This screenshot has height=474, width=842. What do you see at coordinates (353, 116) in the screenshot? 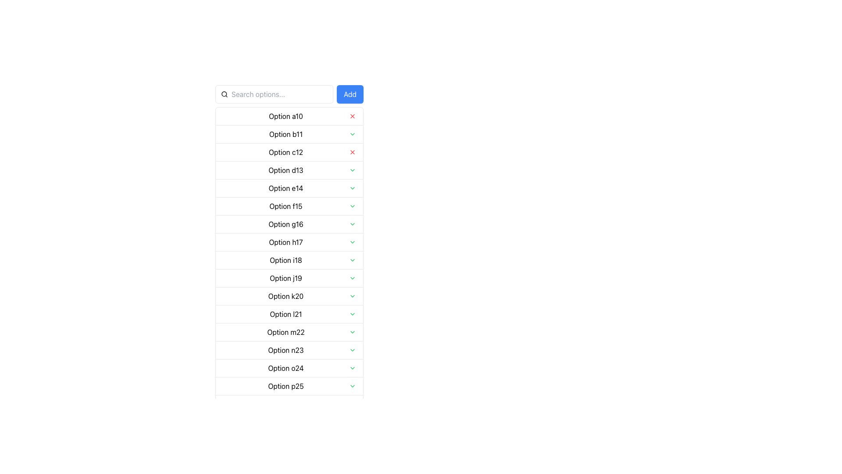
I see `the SVG icon element indicating an error or removal option for 'Option a10', located towards the right end of its row` at bounding box center [353, 116].